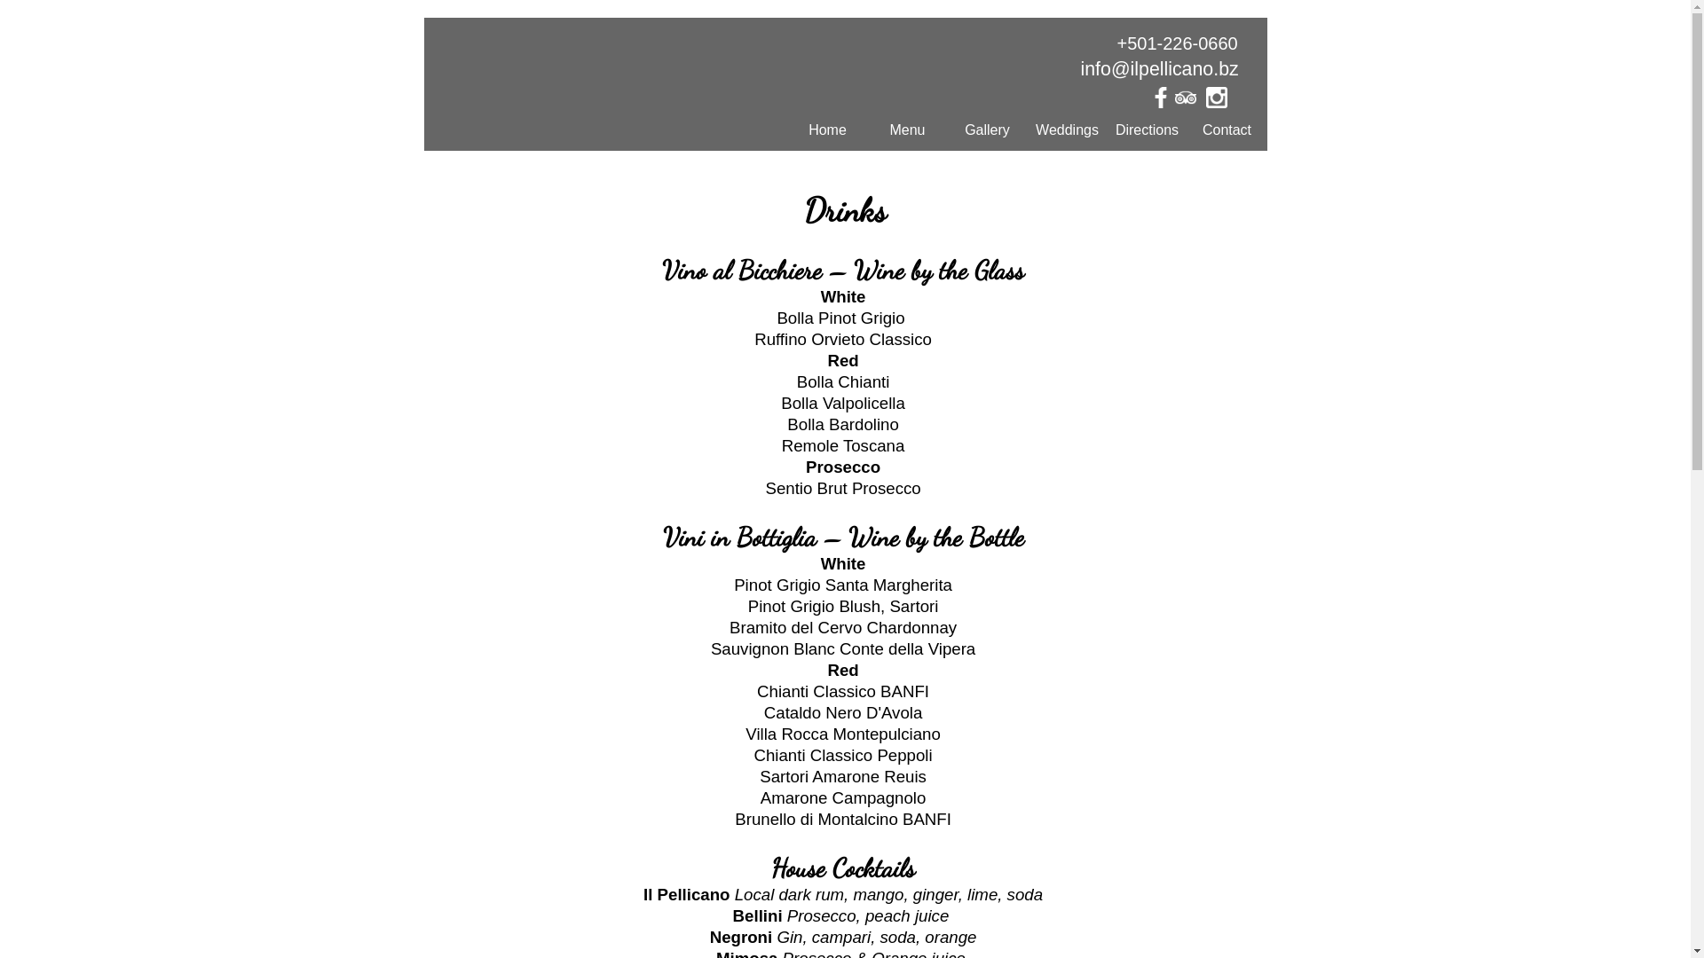 This screenshot has width=1704, height=958. I want to click on 'info@ilpellicano.bz', so click(1159, 67).